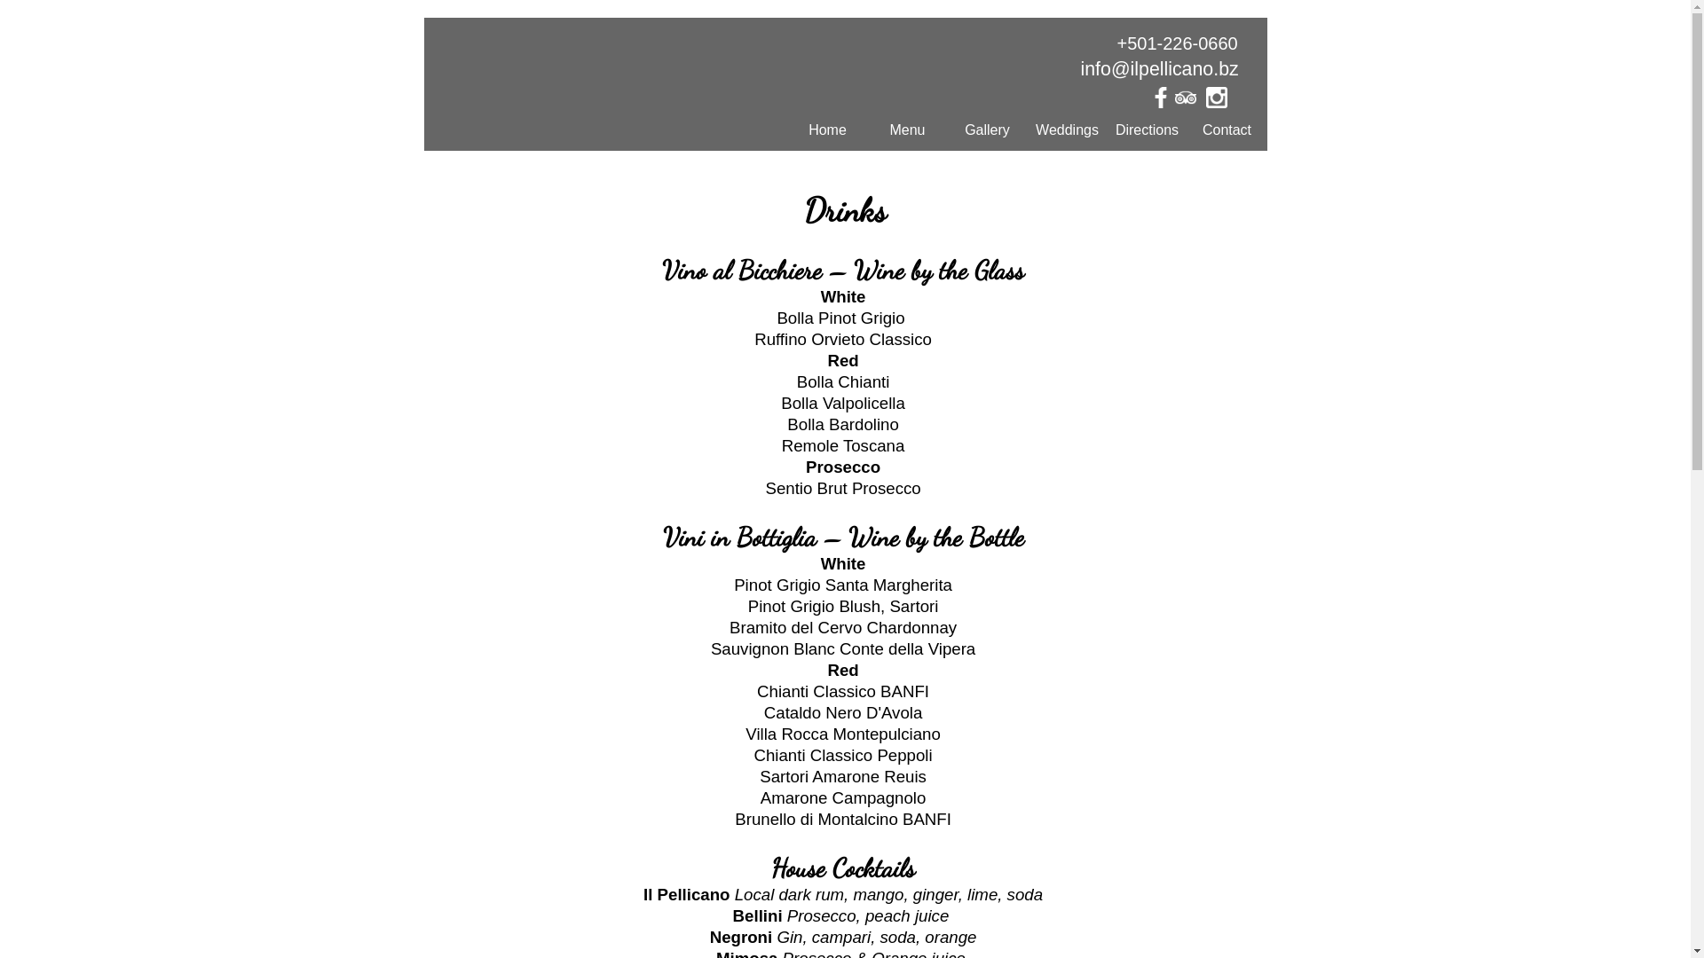 This screenshot has width=1704, height=958. I want to click on 'info@ilpellicano.bz', so click(1159, 67).